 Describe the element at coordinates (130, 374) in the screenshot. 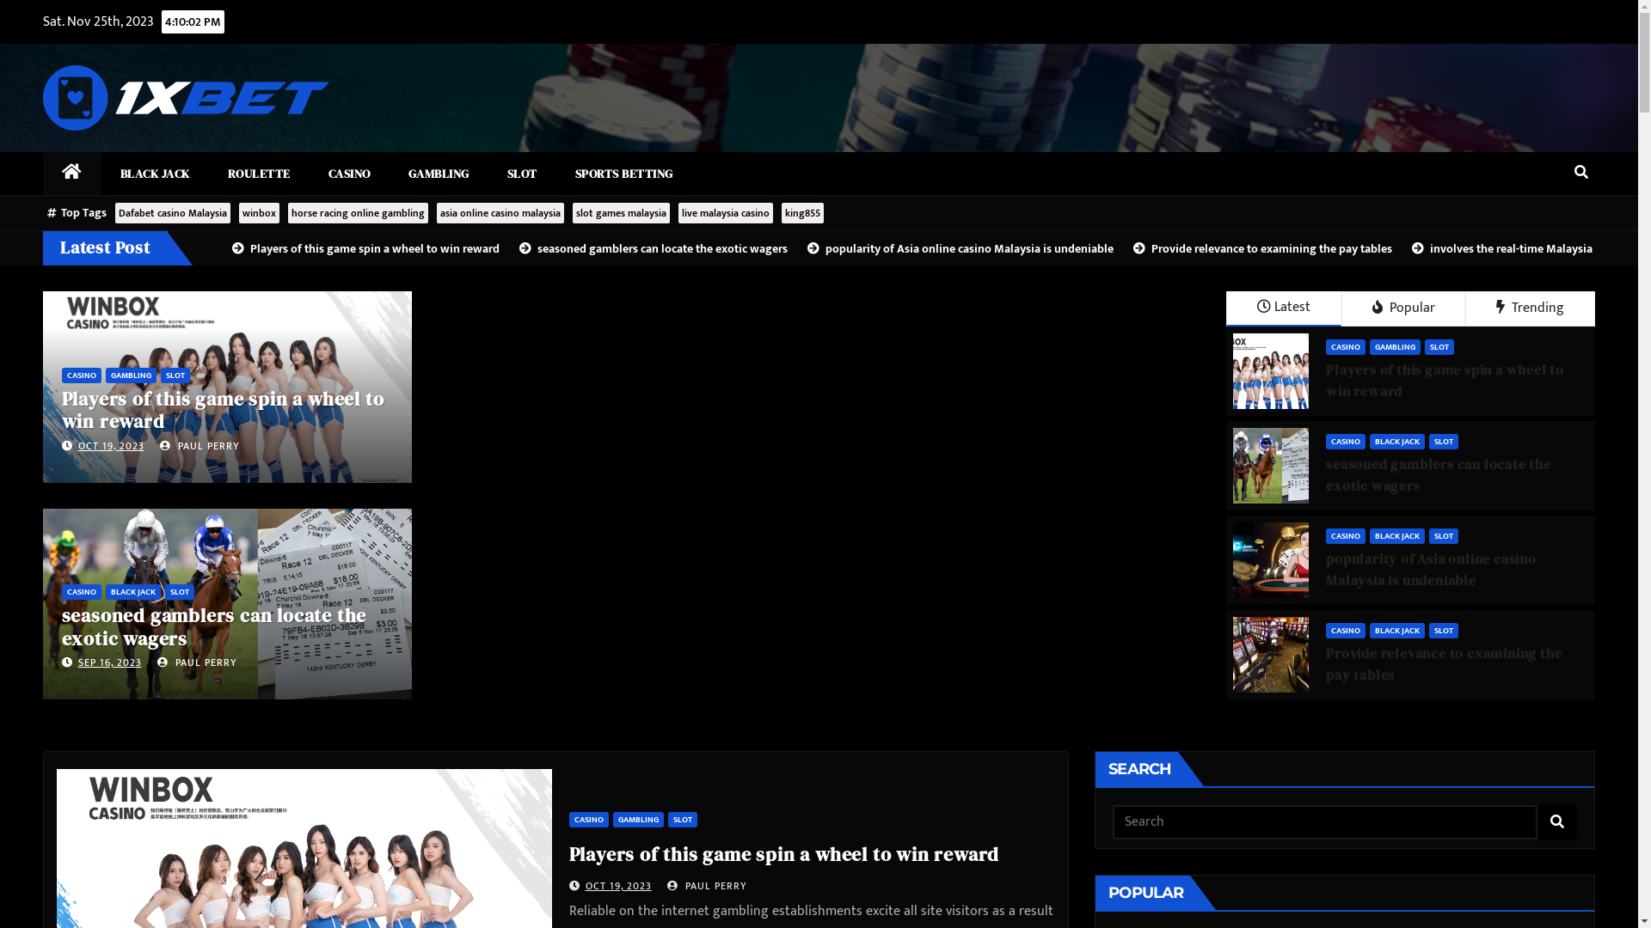

I see `'GAMBLING'` at that location.